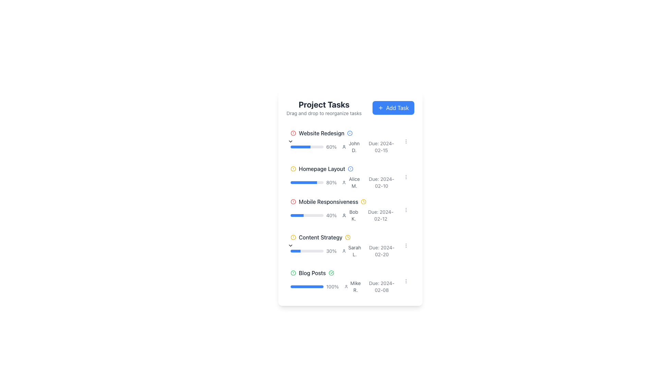  I want to click on the downward-pointing chevron icon located adjacent to the left margin of the task details for 'Website Redesign', so click(291, 141).